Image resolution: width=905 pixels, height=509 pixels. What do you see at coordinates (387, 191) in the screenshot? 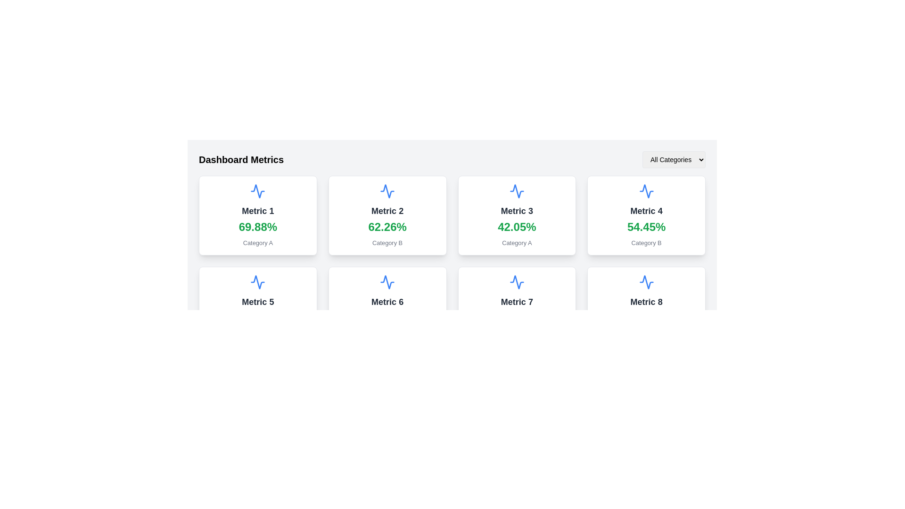
I see `the blue waveform icon resembling a heartbeat signal, located within the card labeled 'Metric 2', positioned in the second column of the first row of a grid layout` at bounding box center [387, 191].